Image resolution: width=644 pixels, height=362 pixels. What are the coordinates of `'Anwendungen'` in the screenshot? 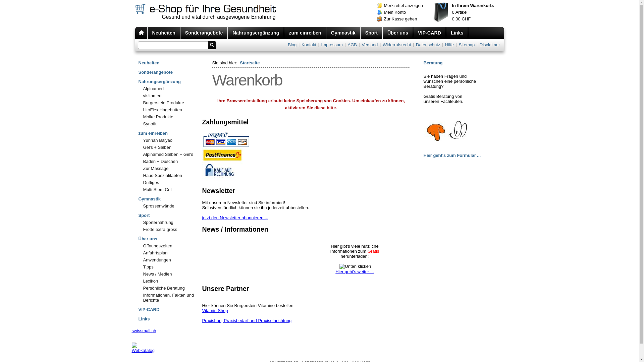 It's located at (170, 259).